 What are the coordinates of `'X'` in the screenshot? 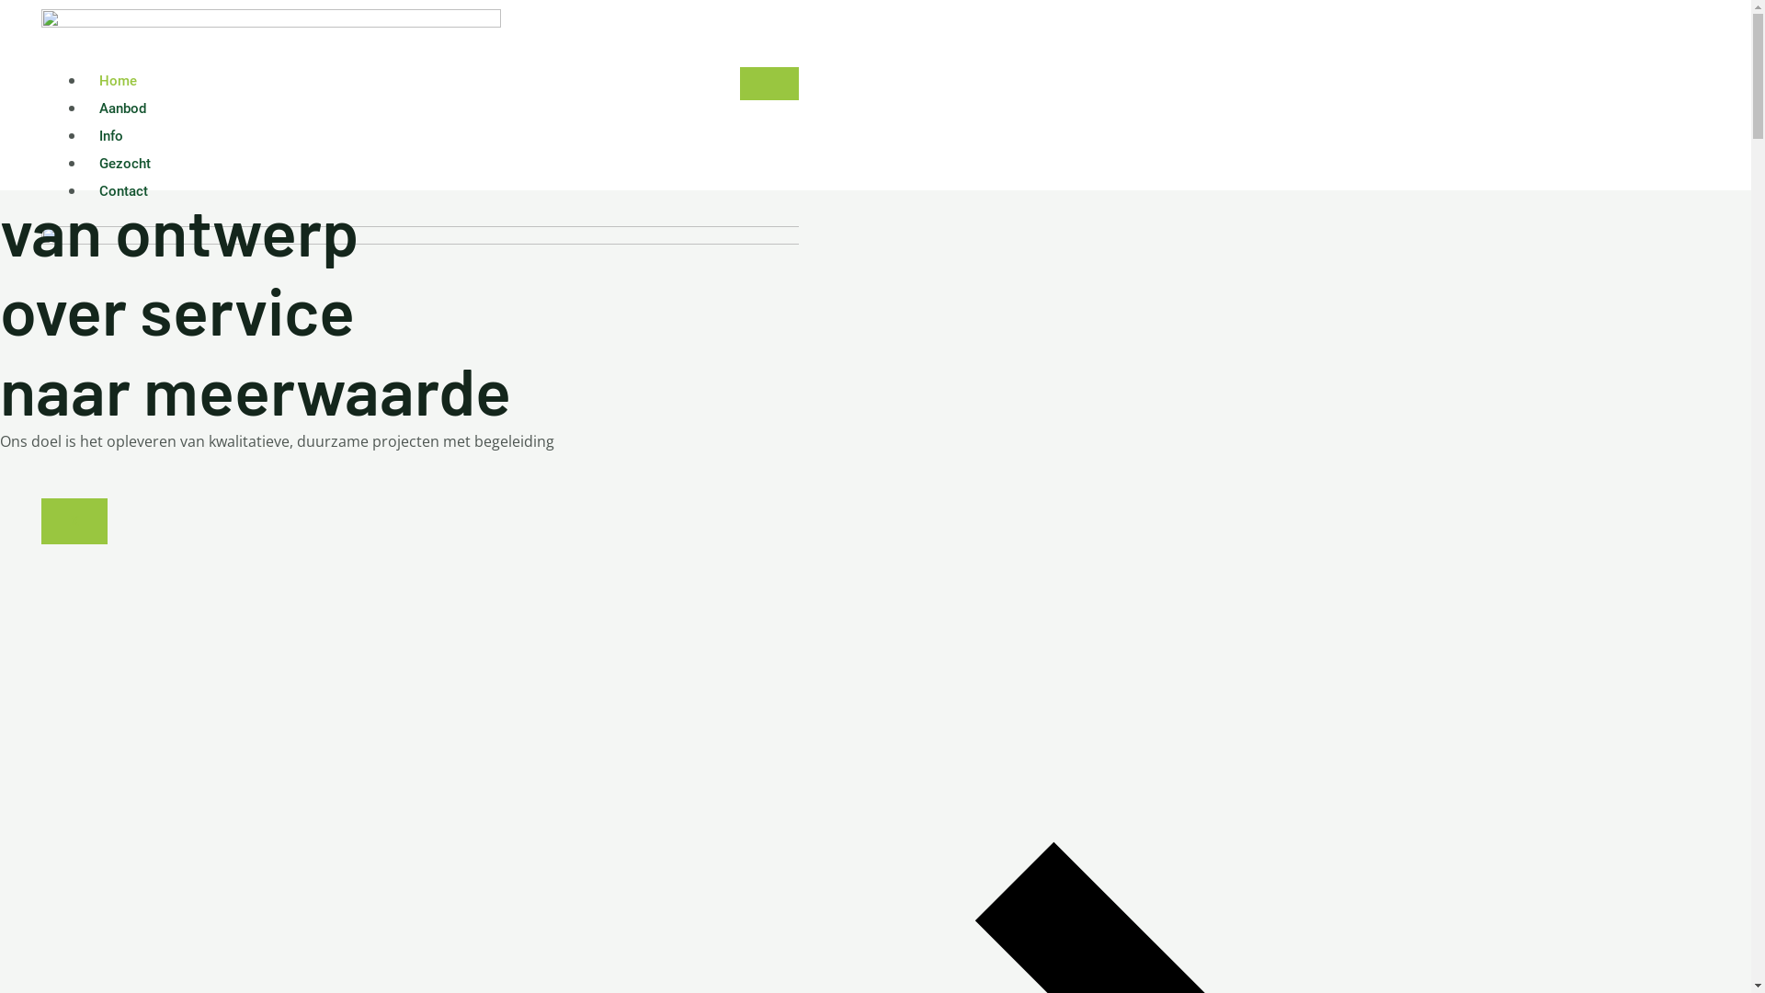 It's located at (74, 521).